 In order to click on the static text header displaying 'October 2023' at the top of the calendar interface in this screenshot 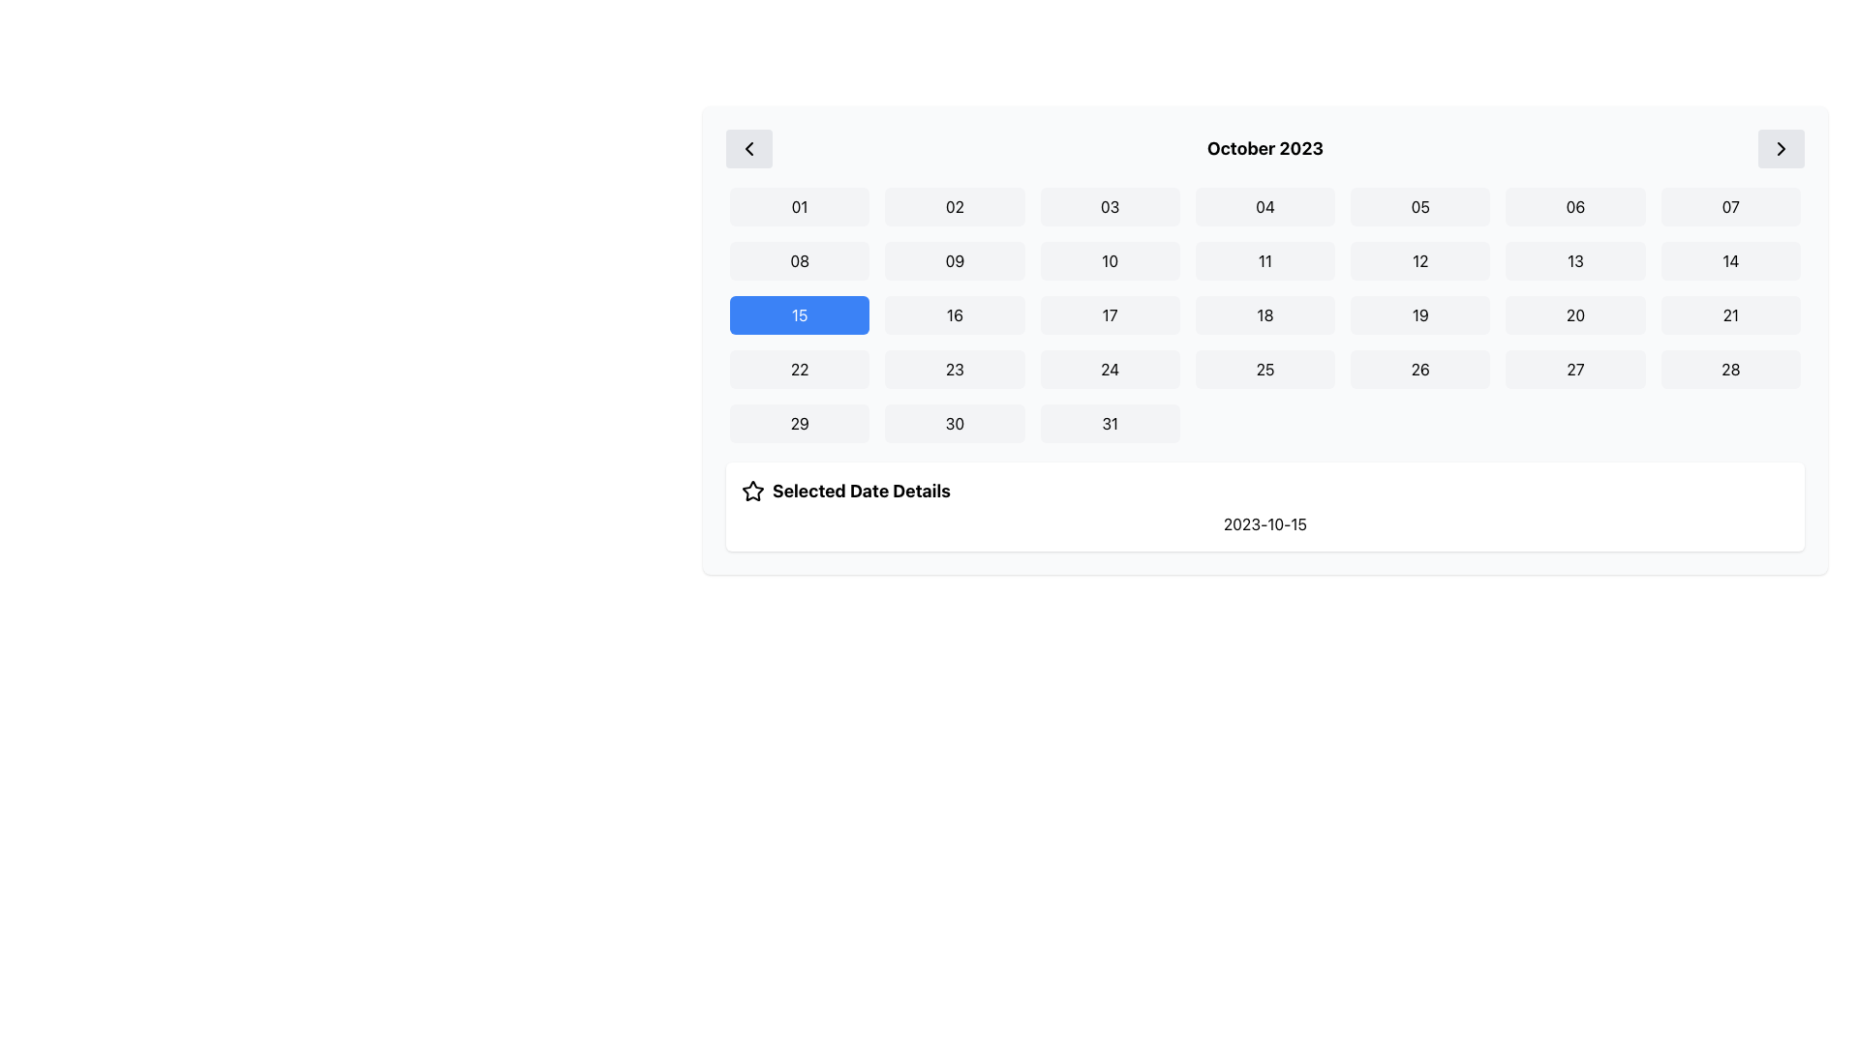, I will do `click(1265, 148)`.